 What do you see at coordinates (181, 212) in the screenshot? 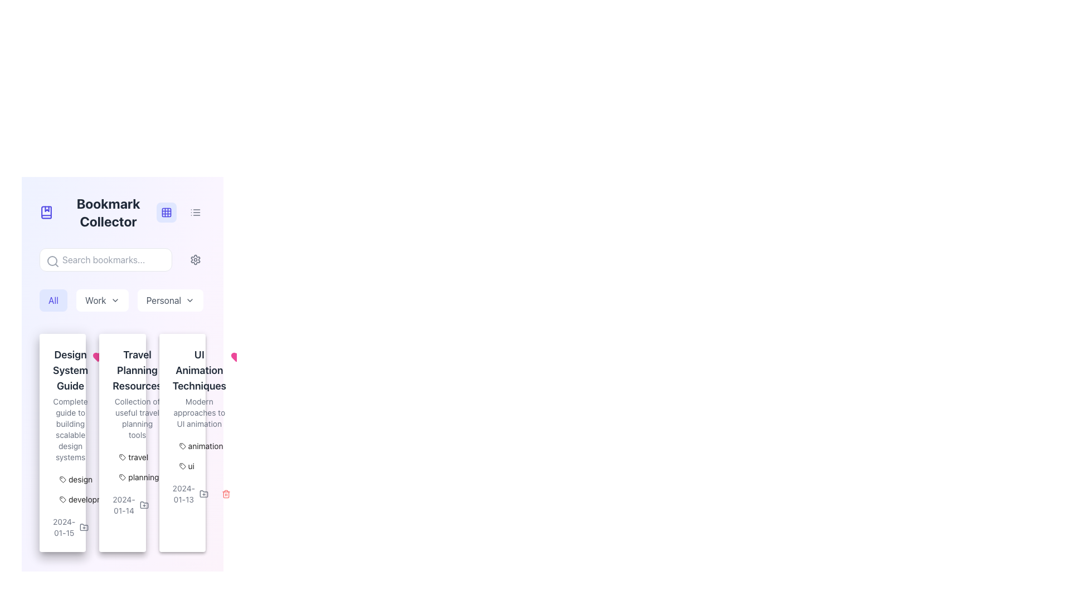
I see `the multi-functional control group containing interactive icons located in the top-right corner of the 'Bookmark Collector' interface to observe the hover effects of the grid and list view icons` at bounding box center [181, 212].